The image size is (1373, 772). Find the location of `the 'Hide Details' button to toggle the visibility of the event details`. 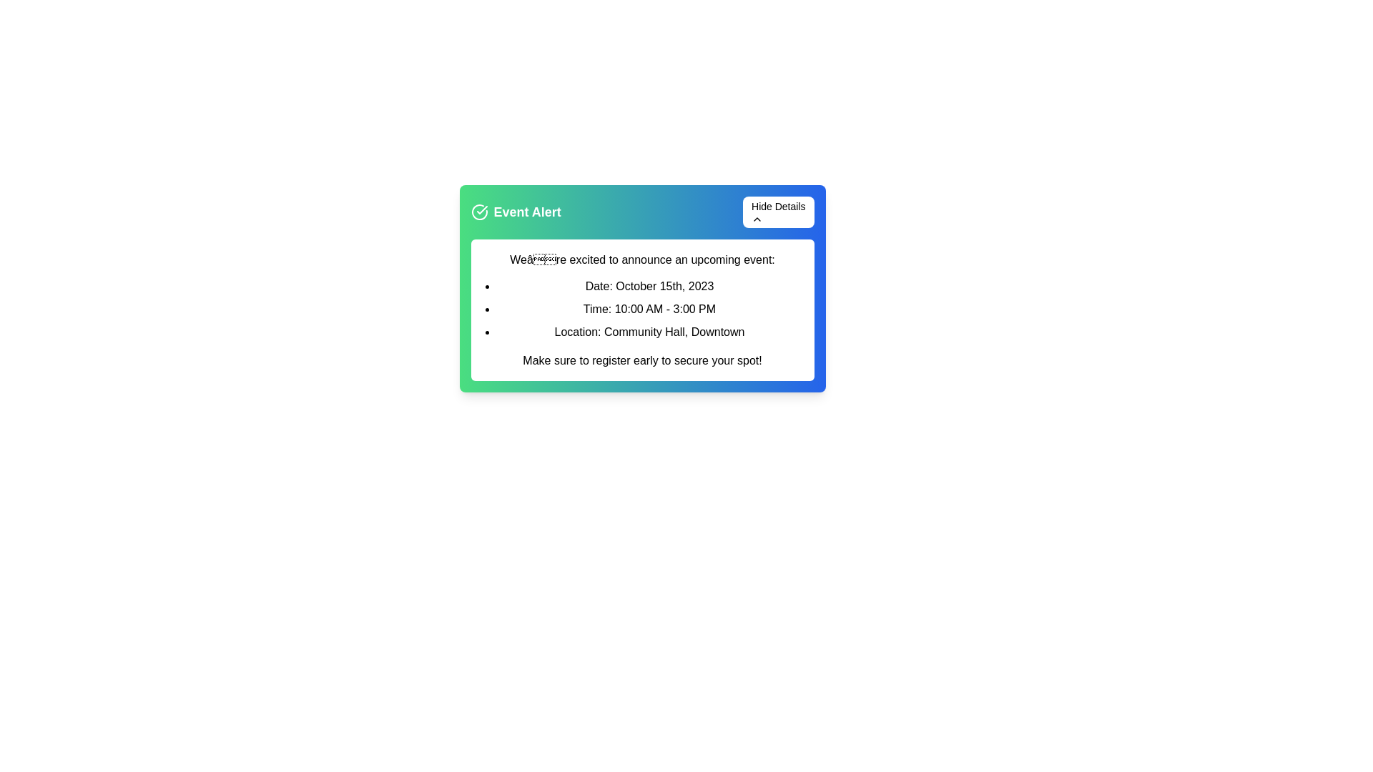

the 'Hide Details' button to toggle the visibility of the event details is located at coordinates (777, 212).